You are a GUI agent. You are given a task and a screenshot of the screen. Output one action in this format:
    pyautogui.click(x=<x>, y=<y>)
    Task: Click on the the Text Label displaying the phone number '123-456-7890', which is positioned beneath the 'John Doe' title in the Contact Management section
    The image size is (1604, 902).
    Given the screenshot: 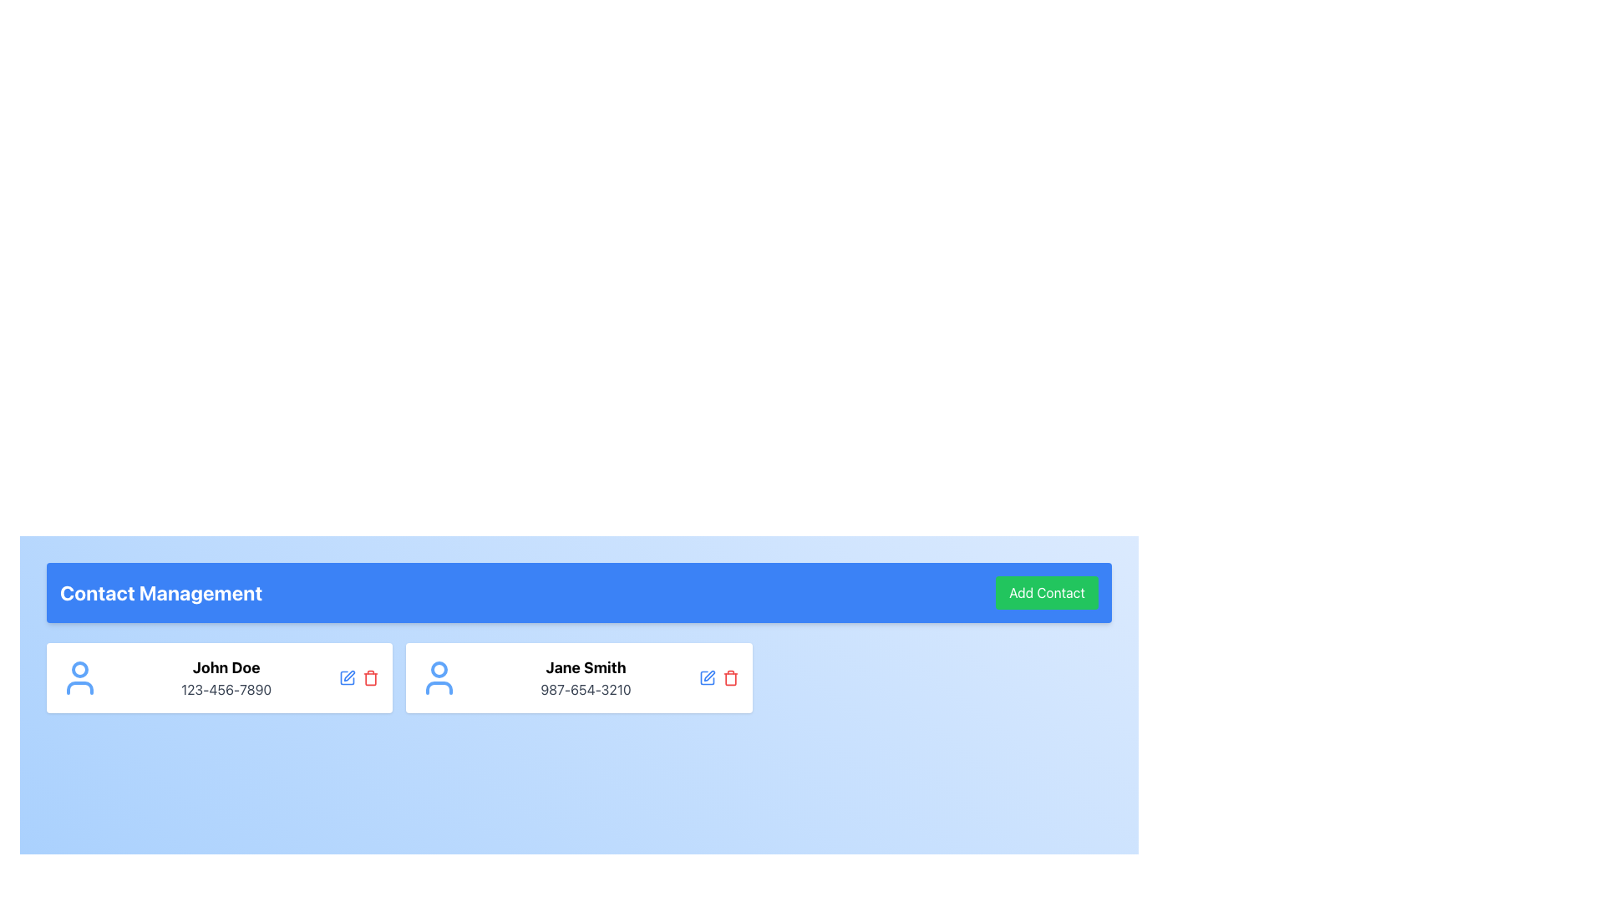 What is the action you would take?
    pyautogui.click(x=226, y=689)
    